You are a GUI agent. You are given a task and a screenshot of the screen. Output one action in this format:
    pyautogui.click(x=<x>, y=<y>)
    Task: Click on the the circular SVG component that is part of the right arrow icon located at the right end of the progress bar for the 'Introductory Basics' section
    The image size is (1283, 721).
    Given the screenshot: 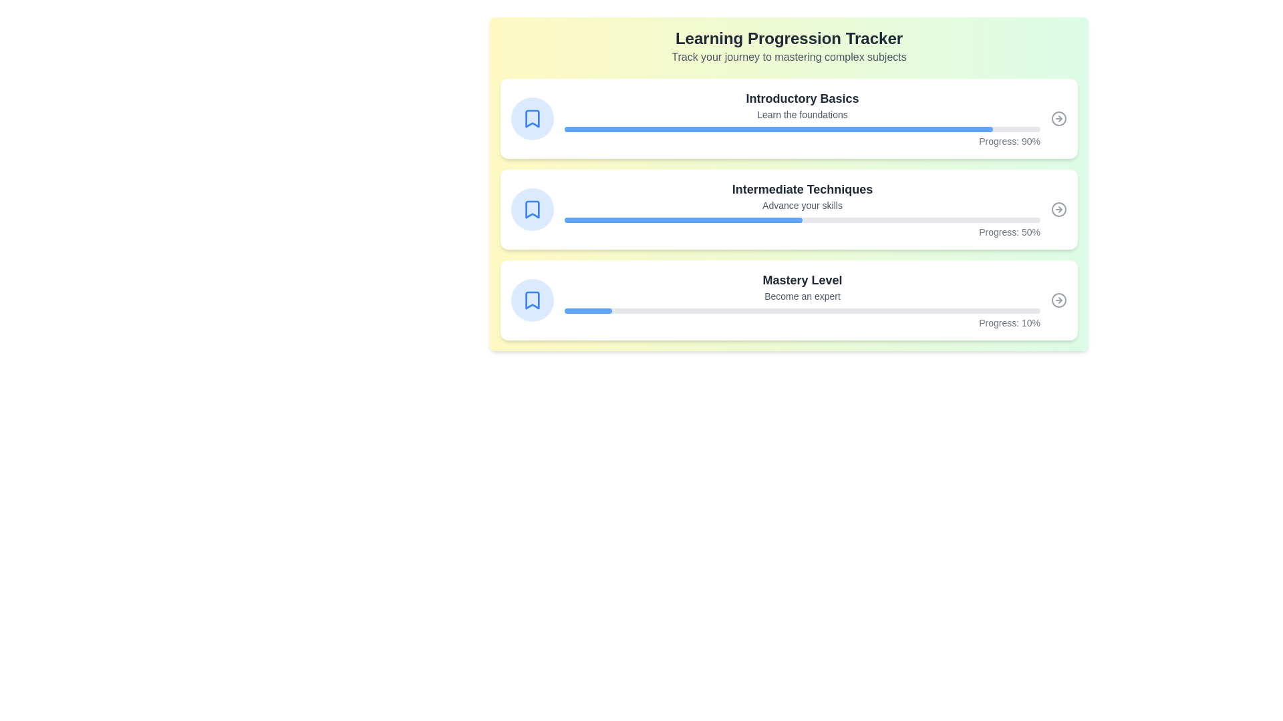 What is the action you would take?
    pyautogui.click(x=1058, y=117)
    